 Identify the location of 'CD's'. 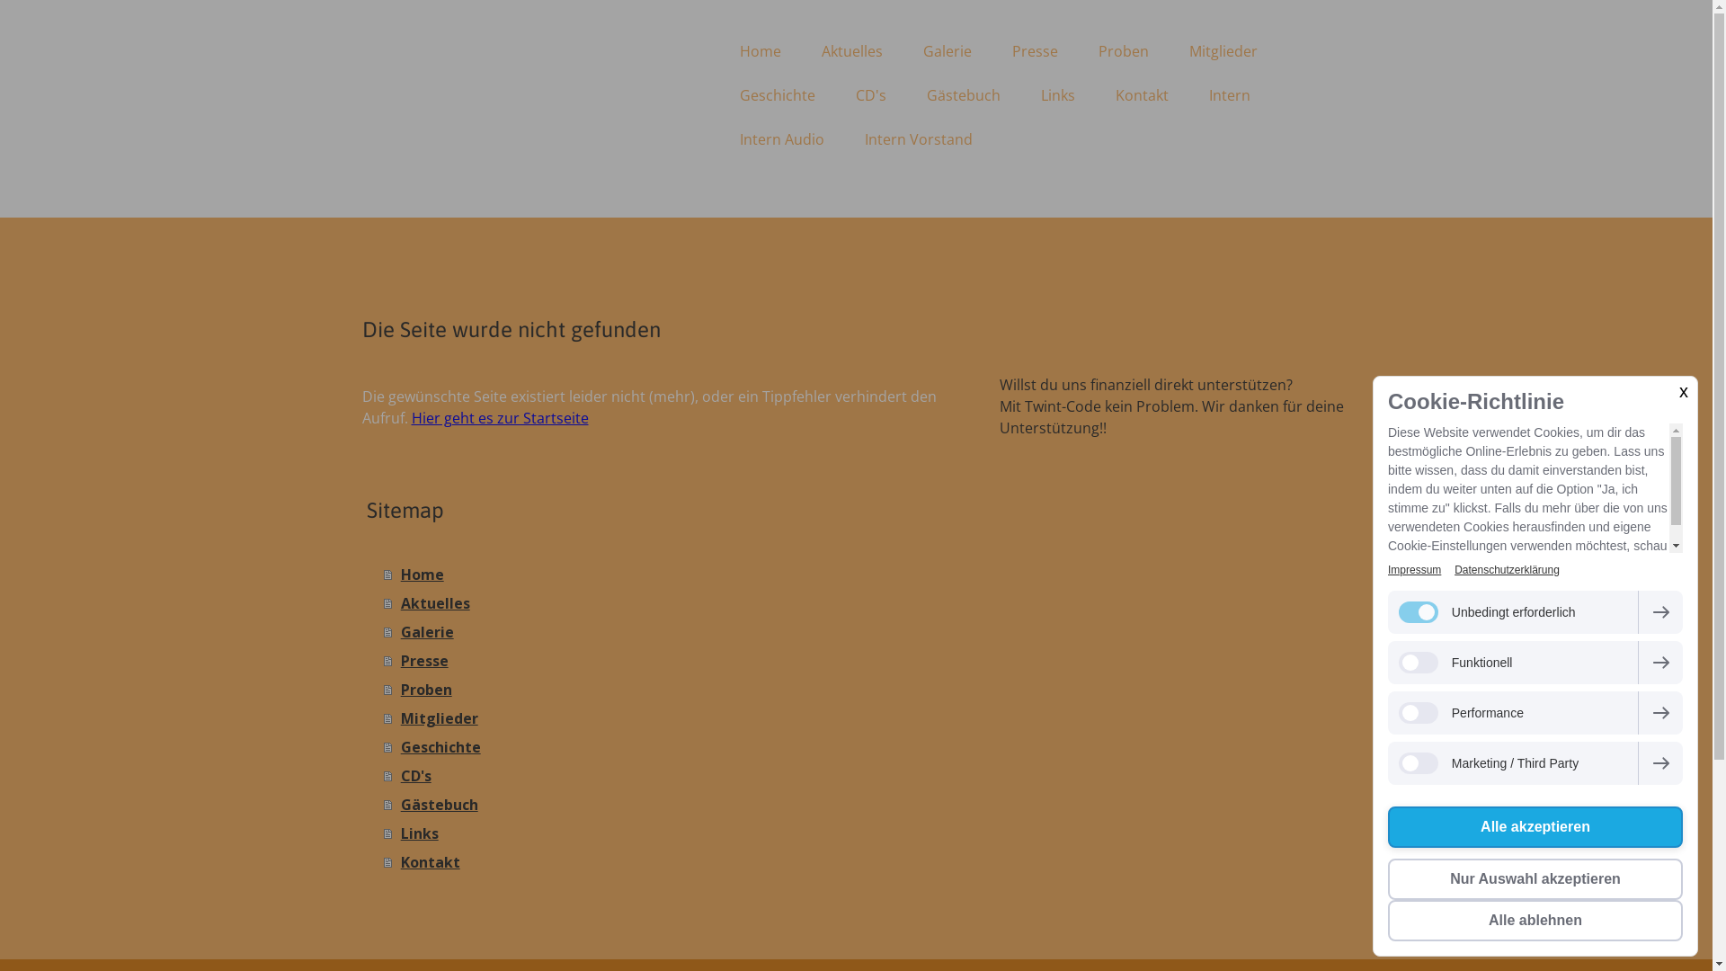
(672, 775).